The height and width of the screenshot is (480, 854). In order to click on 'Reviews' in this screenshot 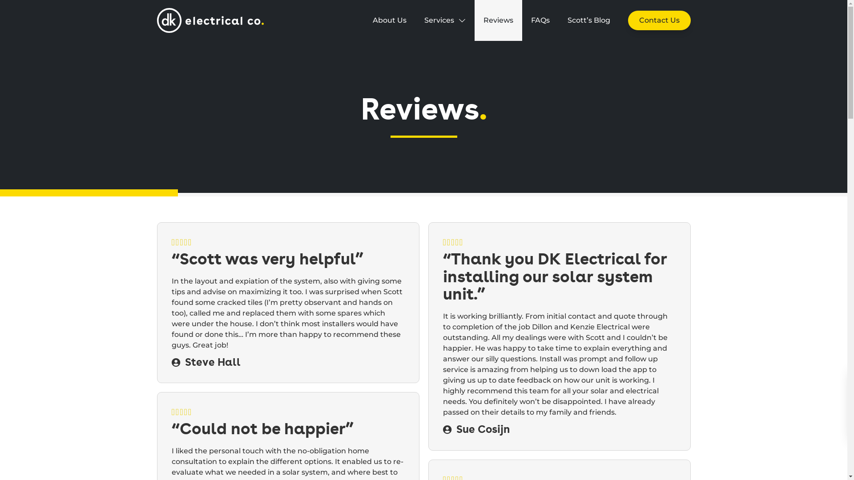, I will do `click(497, 20)`.